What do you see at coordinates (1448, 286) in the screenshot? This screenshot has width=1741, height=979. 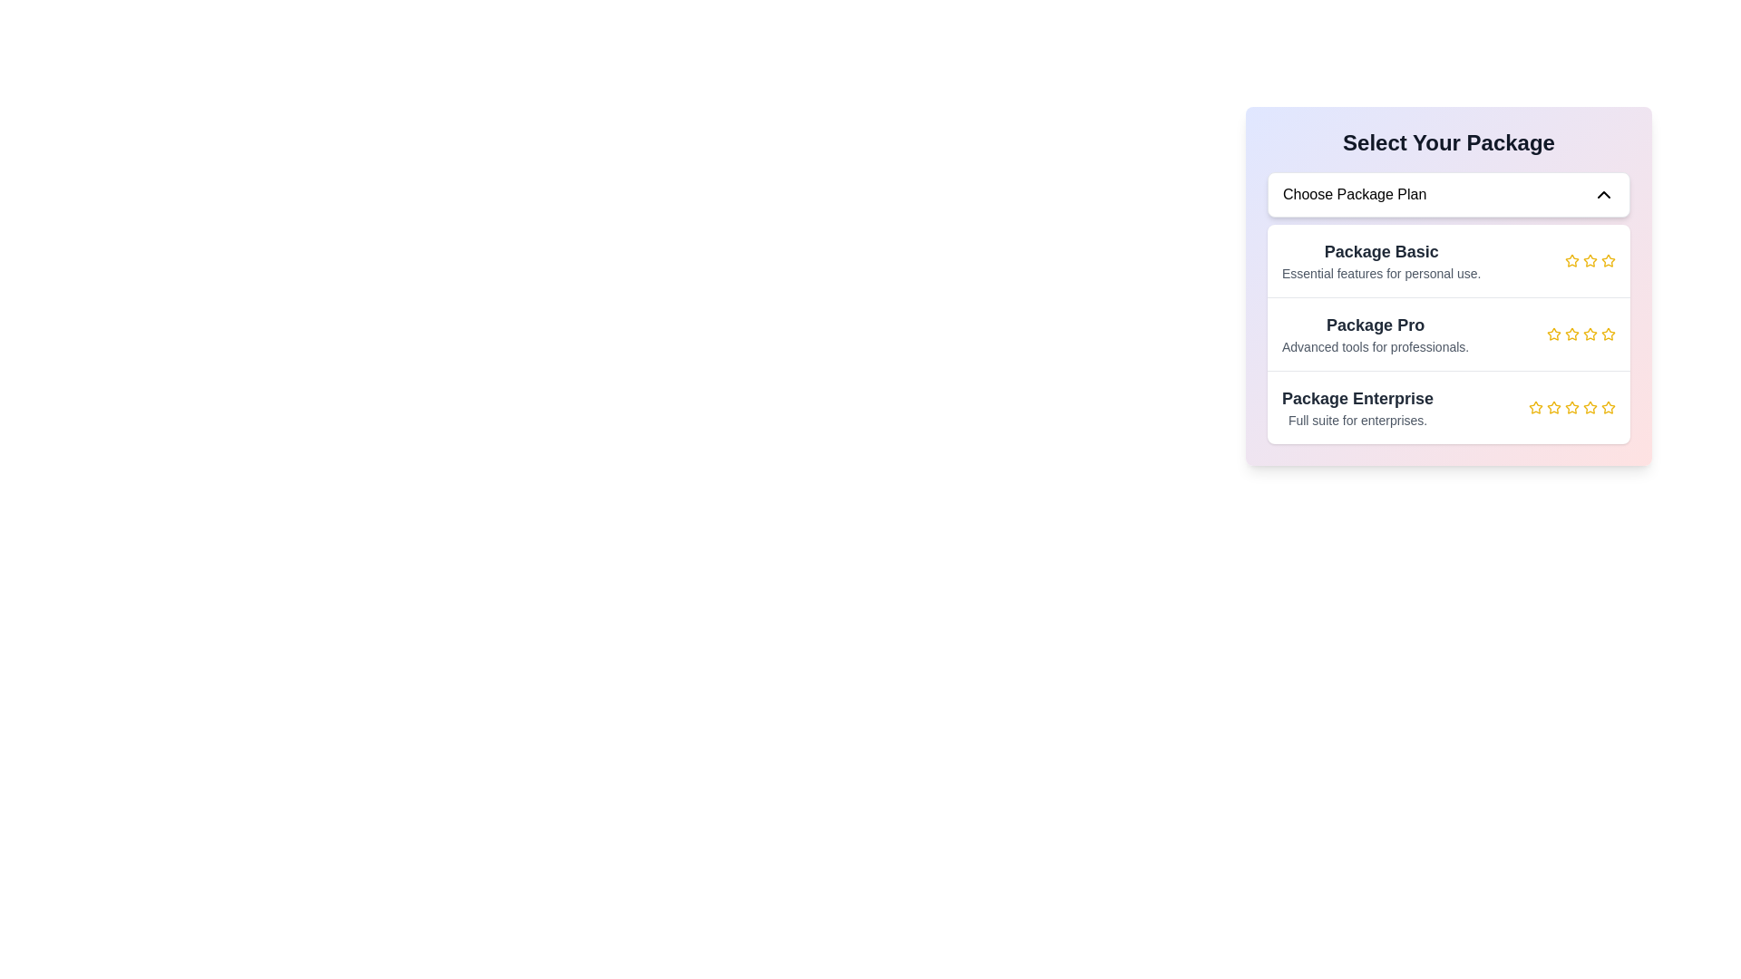 I see `the dropdown menu labeled 'Choose Package Plan'` at bounding box center [1448, 286].